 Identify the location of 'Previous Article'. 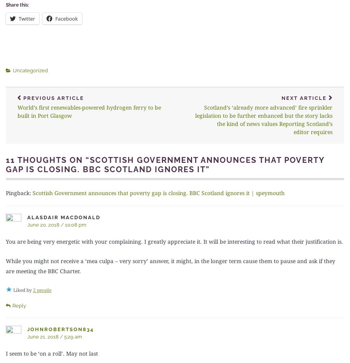
(53, 98).